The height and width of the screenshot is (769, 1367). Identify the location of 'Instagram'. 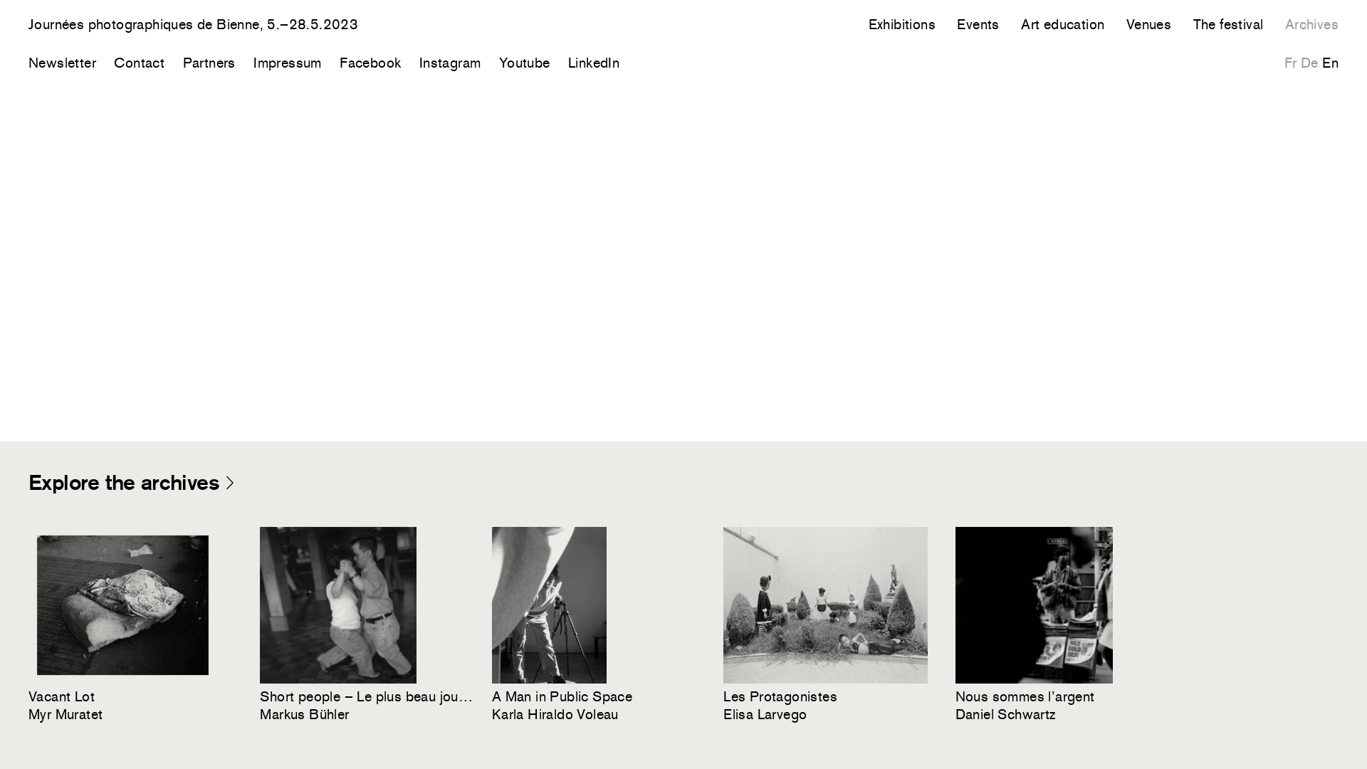
(449, 62).